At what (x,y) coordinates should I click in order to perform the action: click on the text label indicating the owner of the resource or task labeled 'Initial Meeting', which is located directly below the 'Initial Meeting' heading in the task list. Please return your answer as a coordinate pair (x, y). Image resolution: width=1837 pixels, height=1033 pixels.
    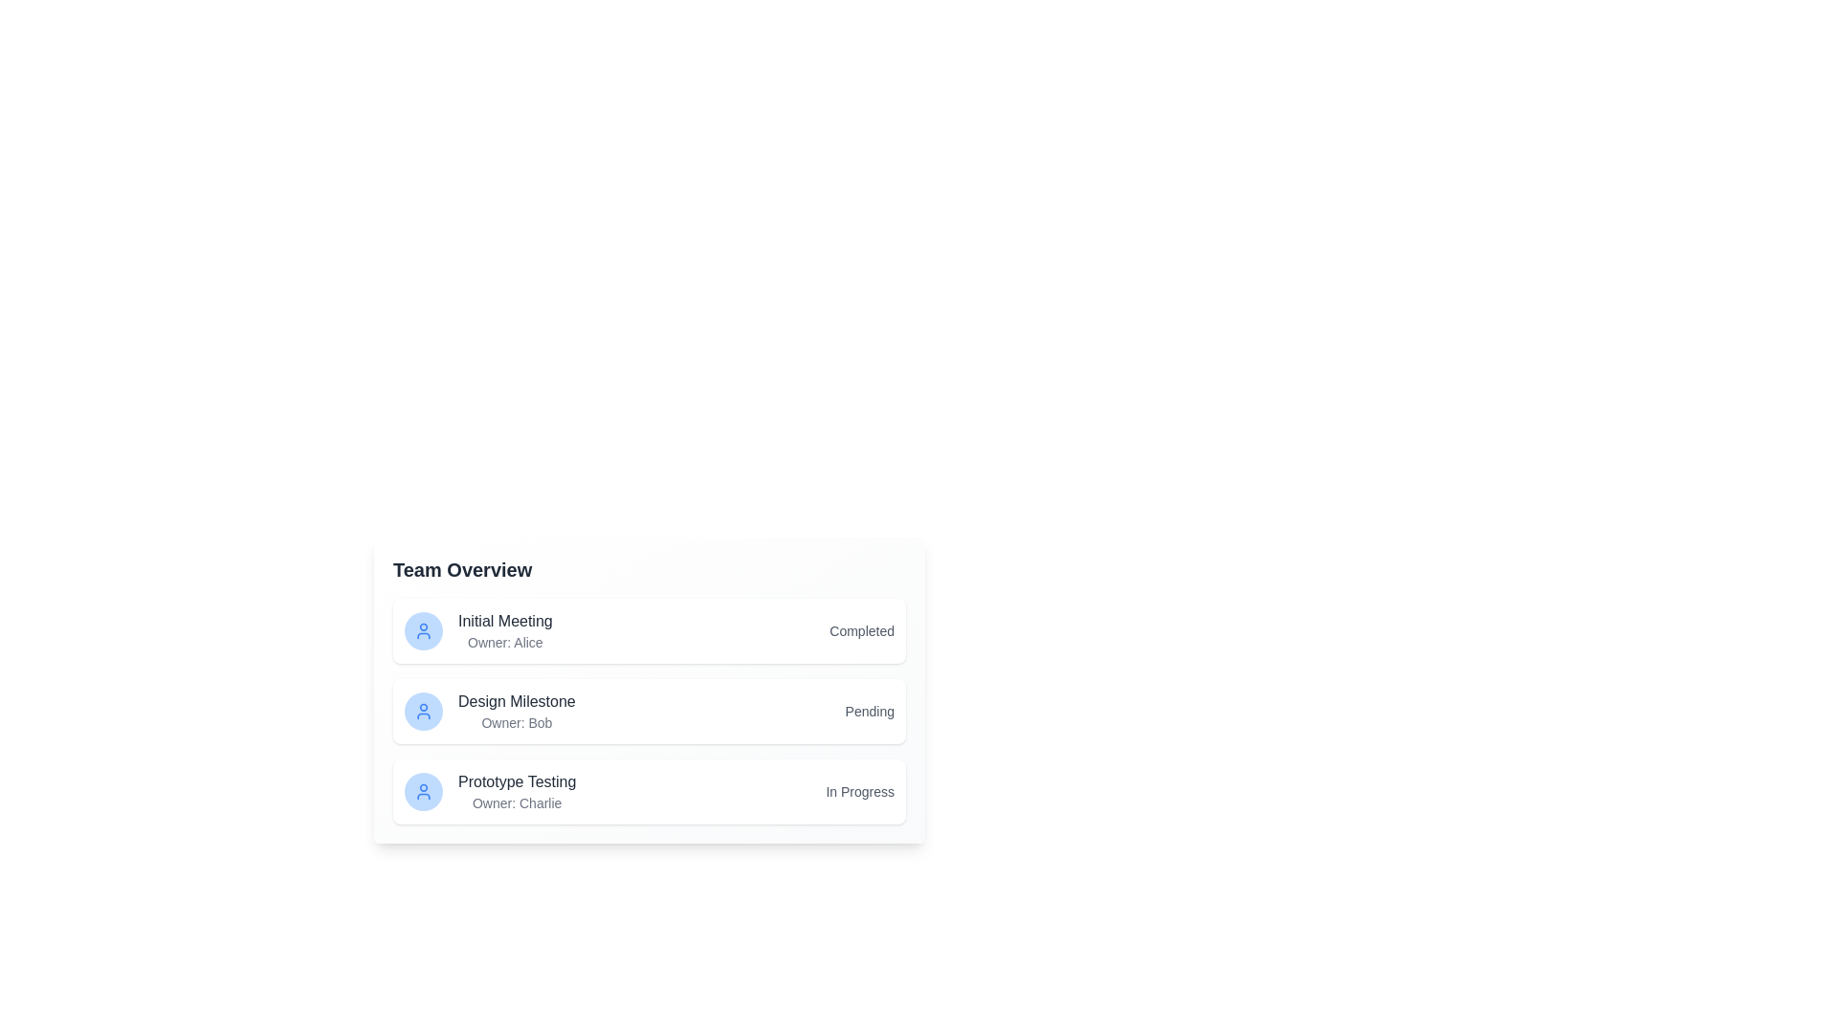
    Looking at the image, I should click on (505, 642).